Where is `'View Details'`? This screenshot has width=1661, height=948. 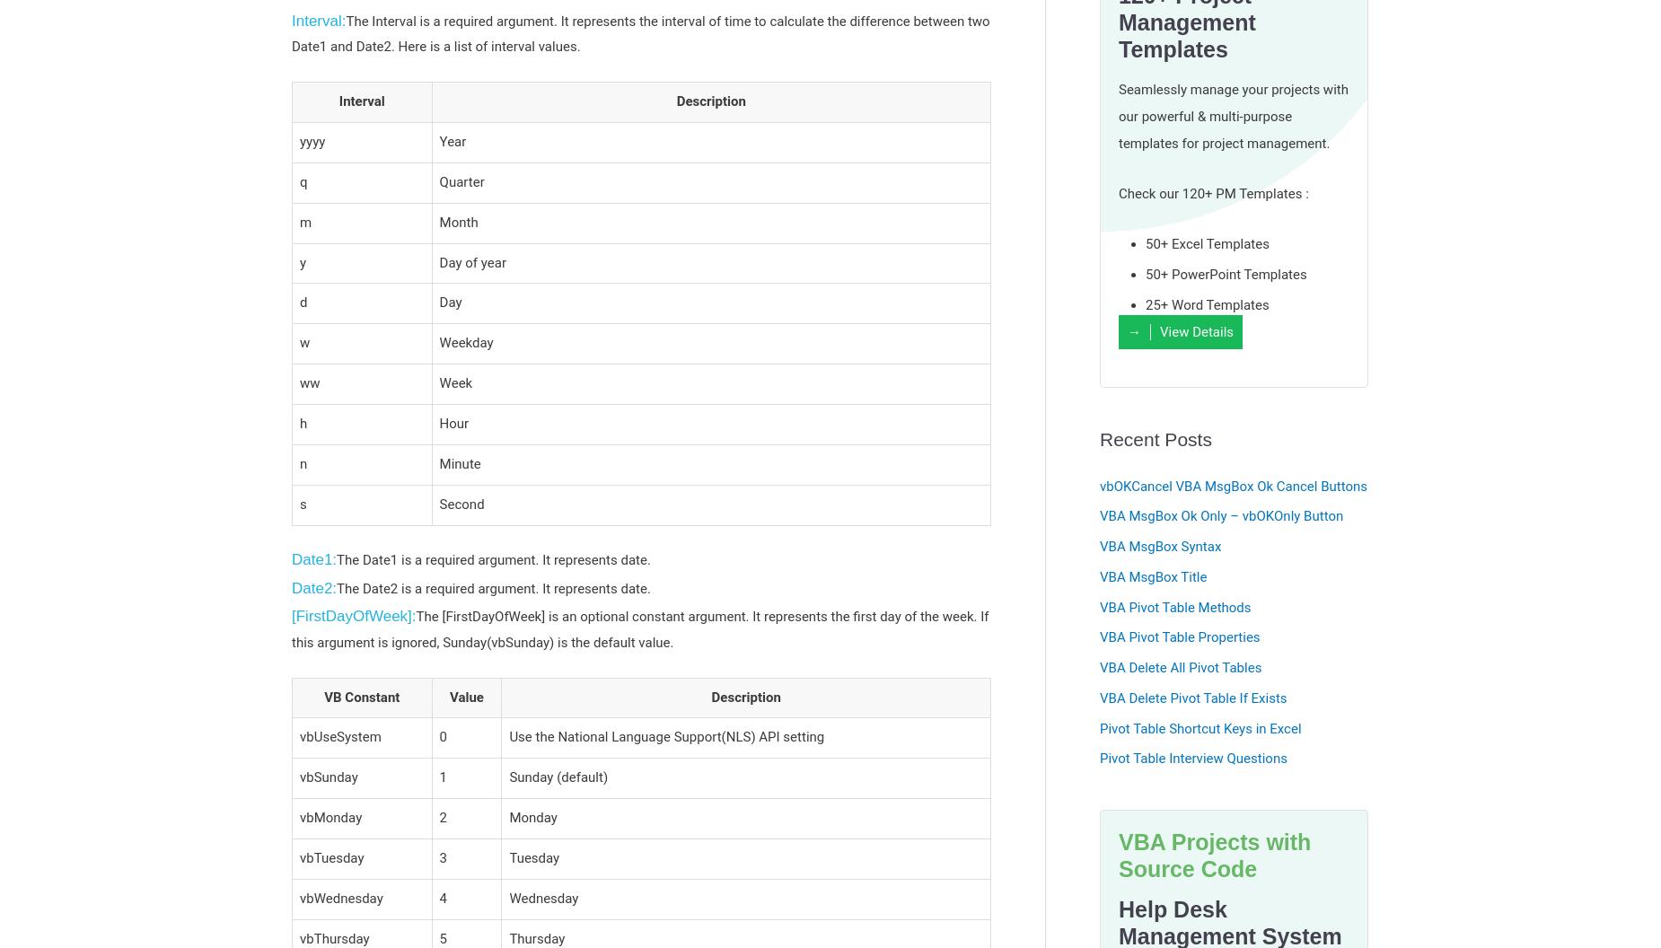
'View Details' is located at coordinates (1195, 329).